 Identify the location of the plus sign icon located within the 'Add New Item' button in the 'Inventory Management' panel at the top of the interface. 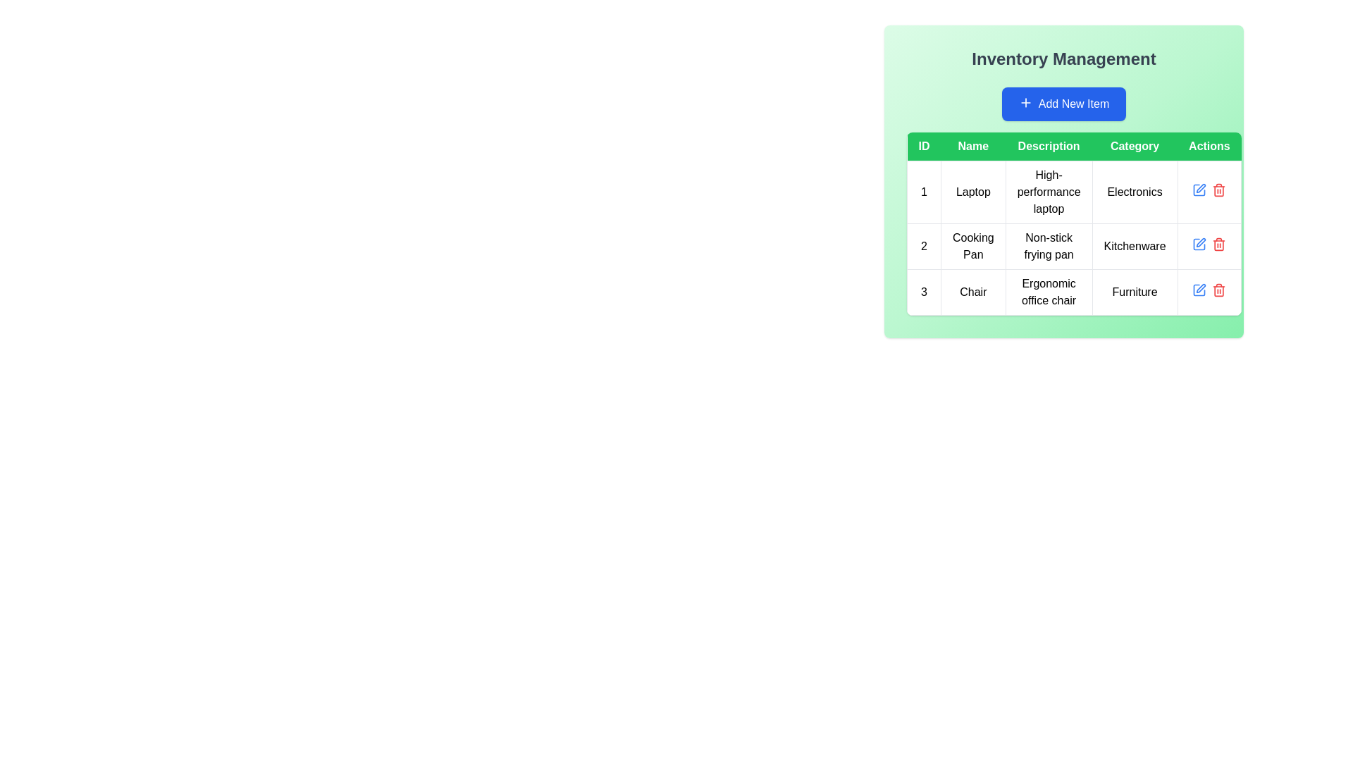
(1025, 102).